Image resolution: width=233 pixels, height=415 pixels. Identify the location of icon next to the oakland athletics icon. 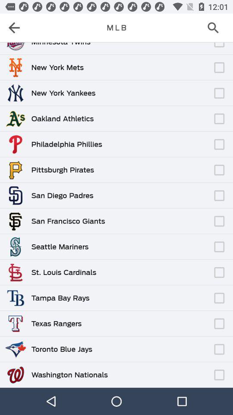
(152, 114).